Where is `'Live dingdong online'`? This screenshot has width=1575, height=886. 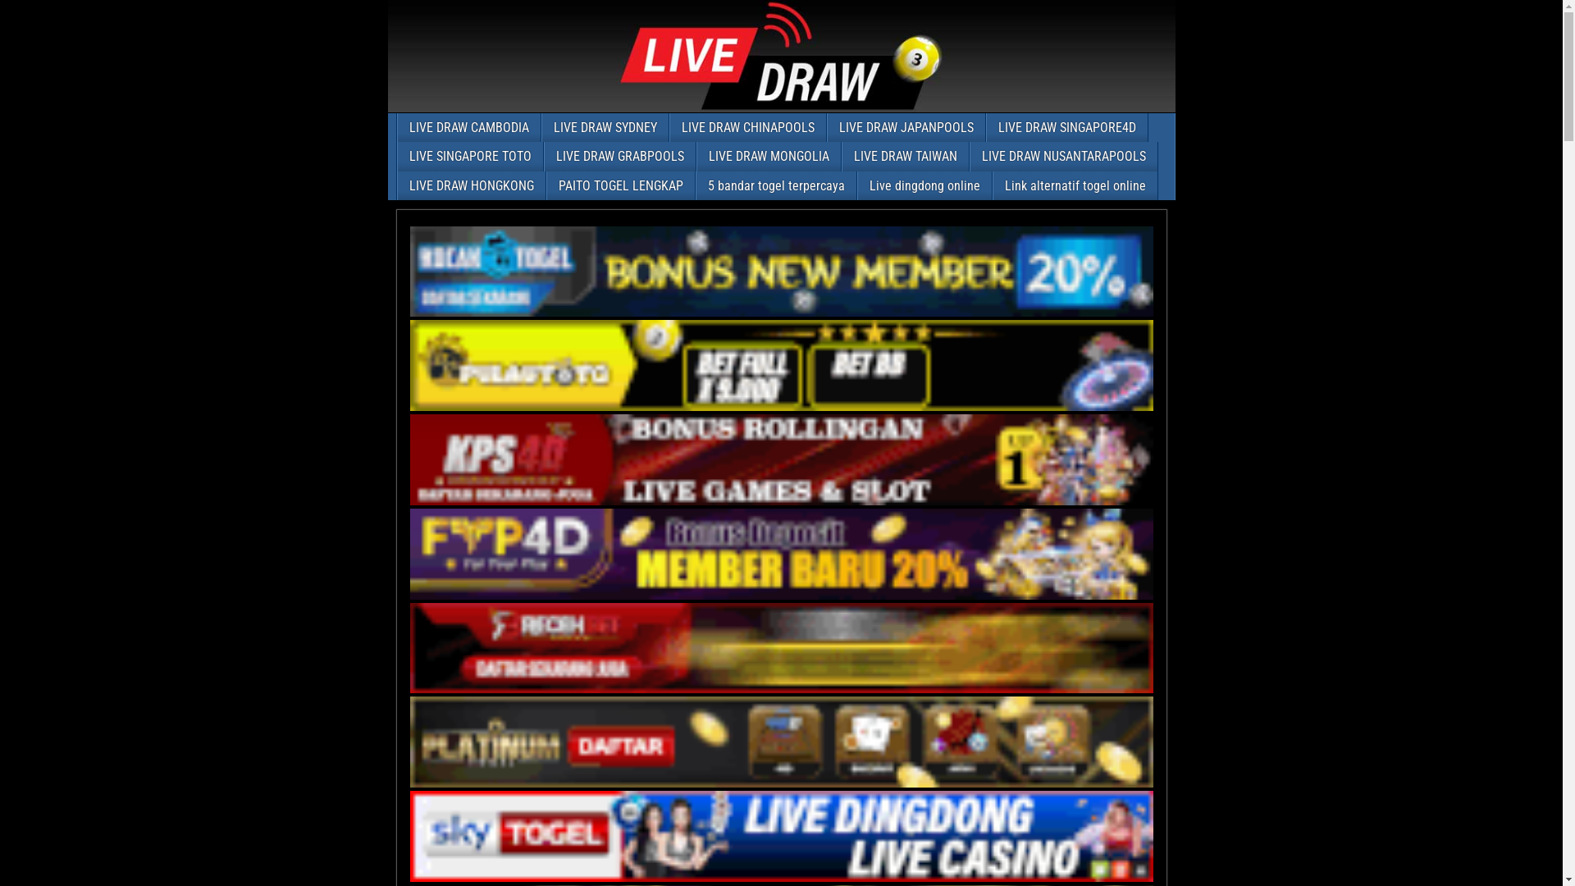 'Live dingdong online' is located at coordinates (857, 185).